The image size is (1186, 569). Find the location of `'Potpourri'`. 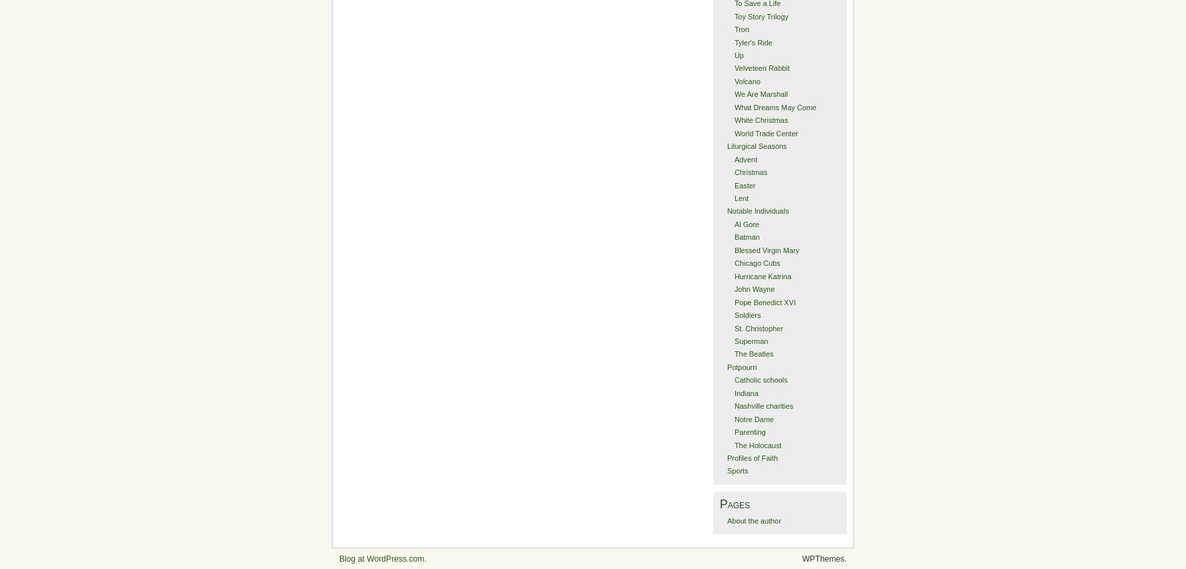

'Potpourri' is located at coordinates (725, 367).